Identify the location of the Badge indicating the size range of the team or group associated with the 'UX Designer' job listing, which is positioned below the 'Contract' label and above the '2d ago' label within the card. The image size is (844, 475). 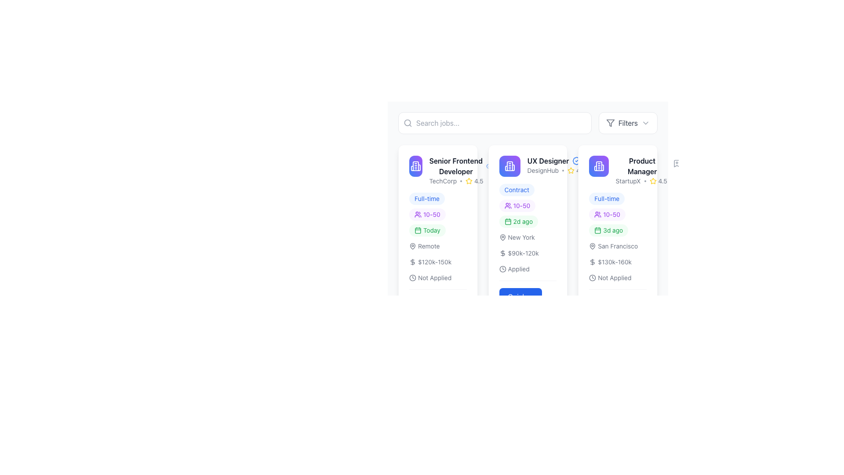
(527, 205).